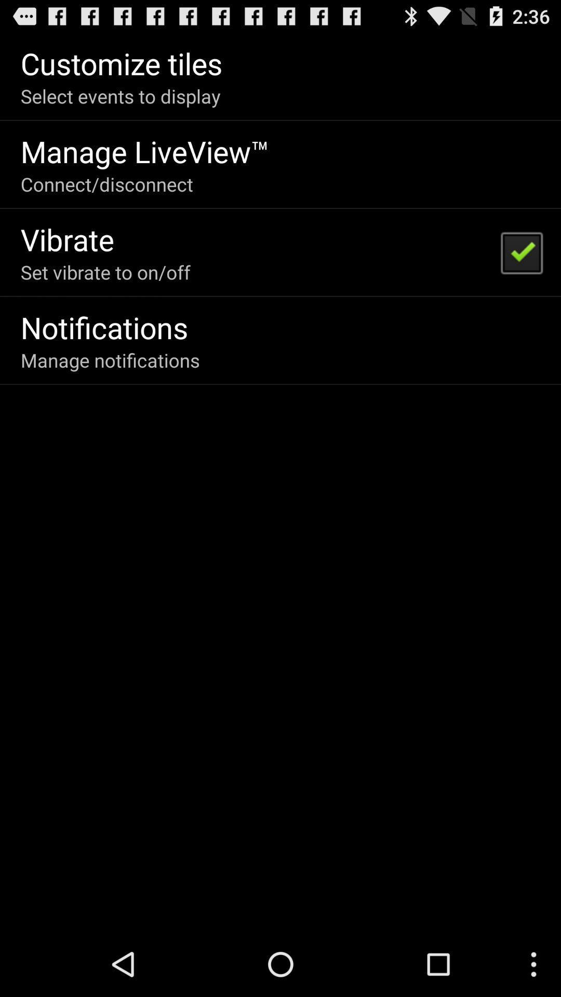 The width and height of the screenshot is (561, 997). What do you see at coordinates (121, 62) in the screenshot?
I see `customize tiles` at bounding box center [121, 62].